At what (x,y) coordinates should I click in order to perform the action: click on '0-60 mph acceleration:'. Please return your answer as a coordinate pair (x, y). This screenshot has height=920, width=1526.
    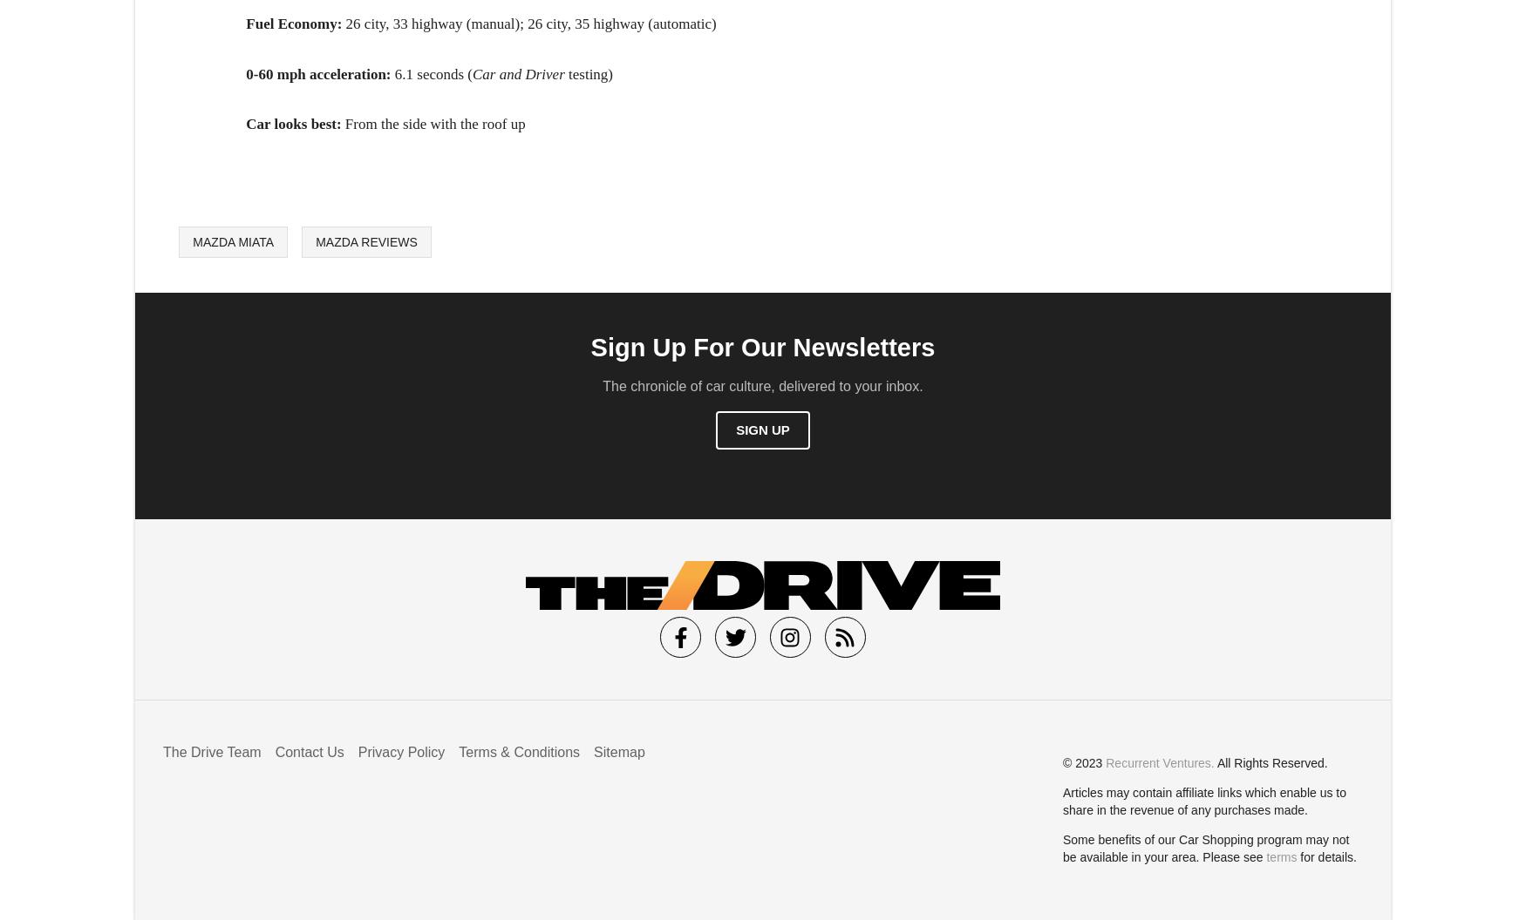
    Looking at the image, I should click on (244, 72).